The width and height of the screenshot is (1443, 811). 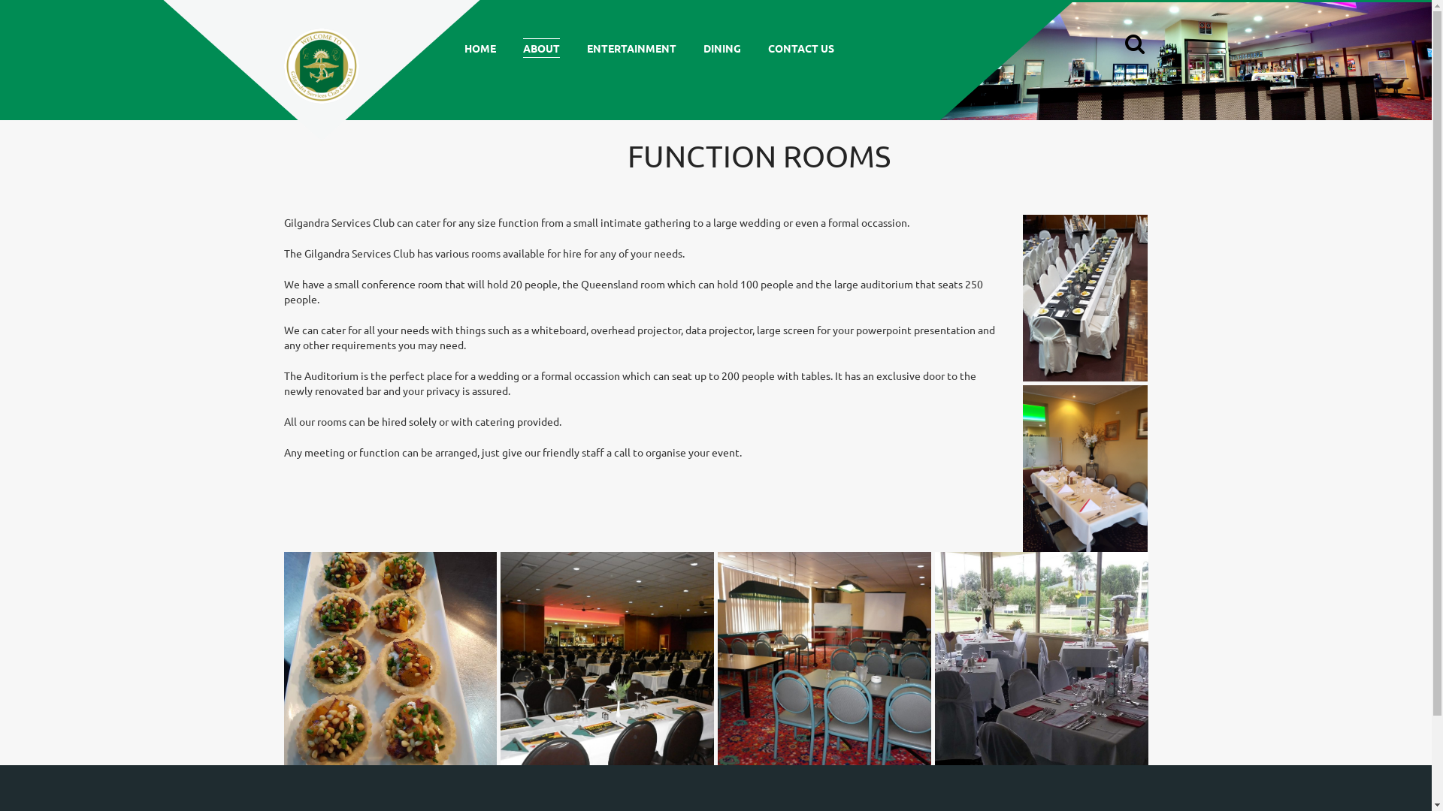 What do you see at coordinates (721, 47) in the screenshot?
I see `'DINING'` at bounding box center [721, 47].